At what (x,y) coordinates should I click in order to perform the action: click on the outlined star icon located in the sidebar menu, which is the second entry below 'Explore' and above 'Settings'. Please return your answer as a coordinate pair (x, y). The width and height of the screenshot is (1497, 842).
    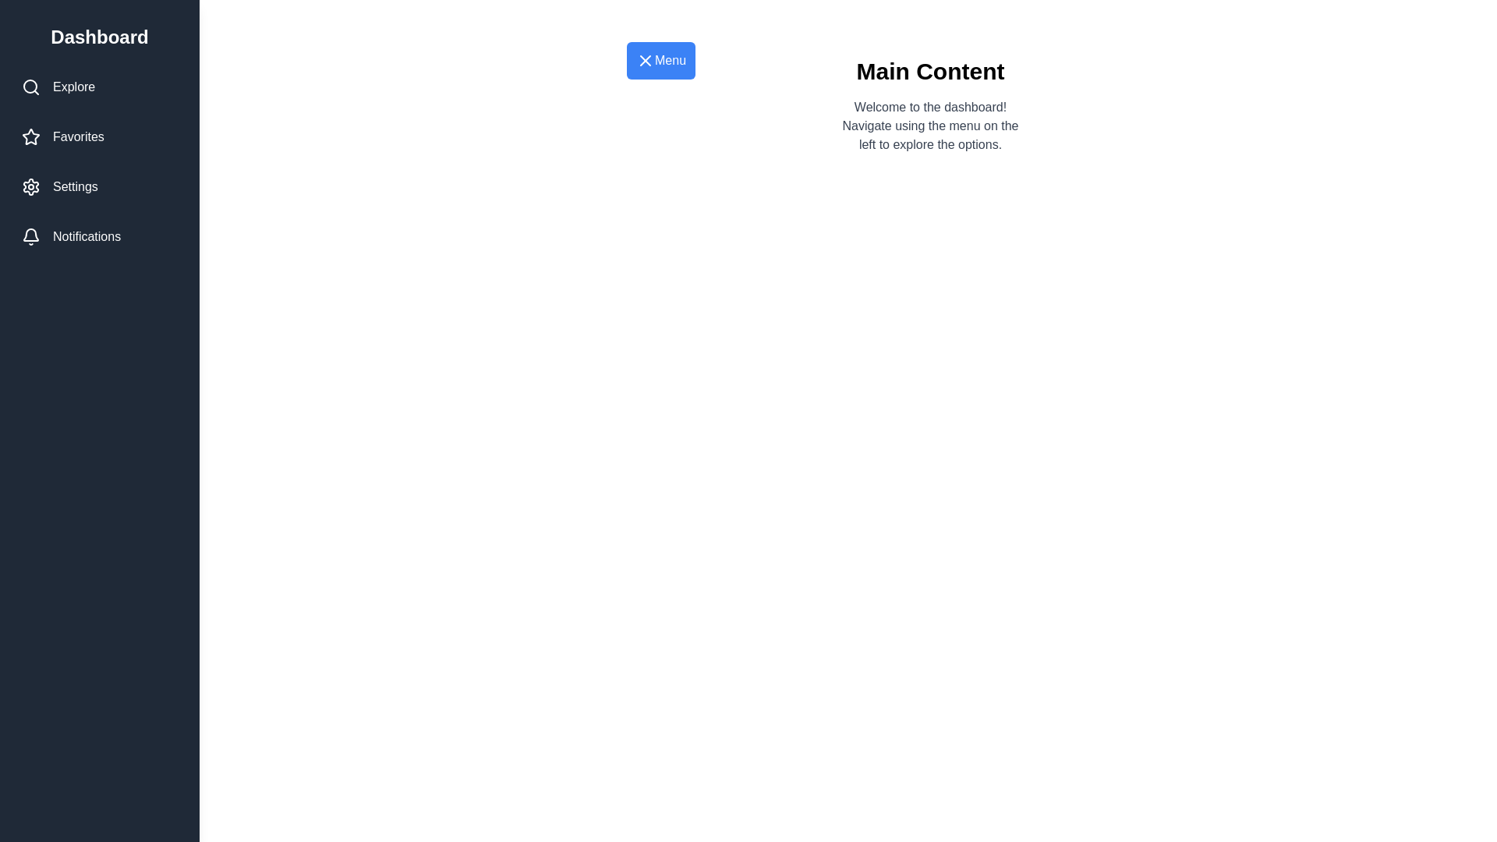
    Looking at the image, I should click on (30, 136).